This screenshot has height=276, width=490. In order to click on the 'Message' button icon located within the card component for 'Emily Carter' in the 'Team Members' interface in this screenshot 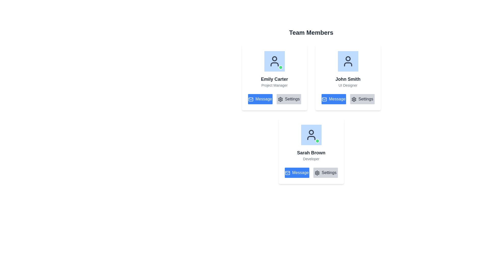, I will do `click(251, 99)`.